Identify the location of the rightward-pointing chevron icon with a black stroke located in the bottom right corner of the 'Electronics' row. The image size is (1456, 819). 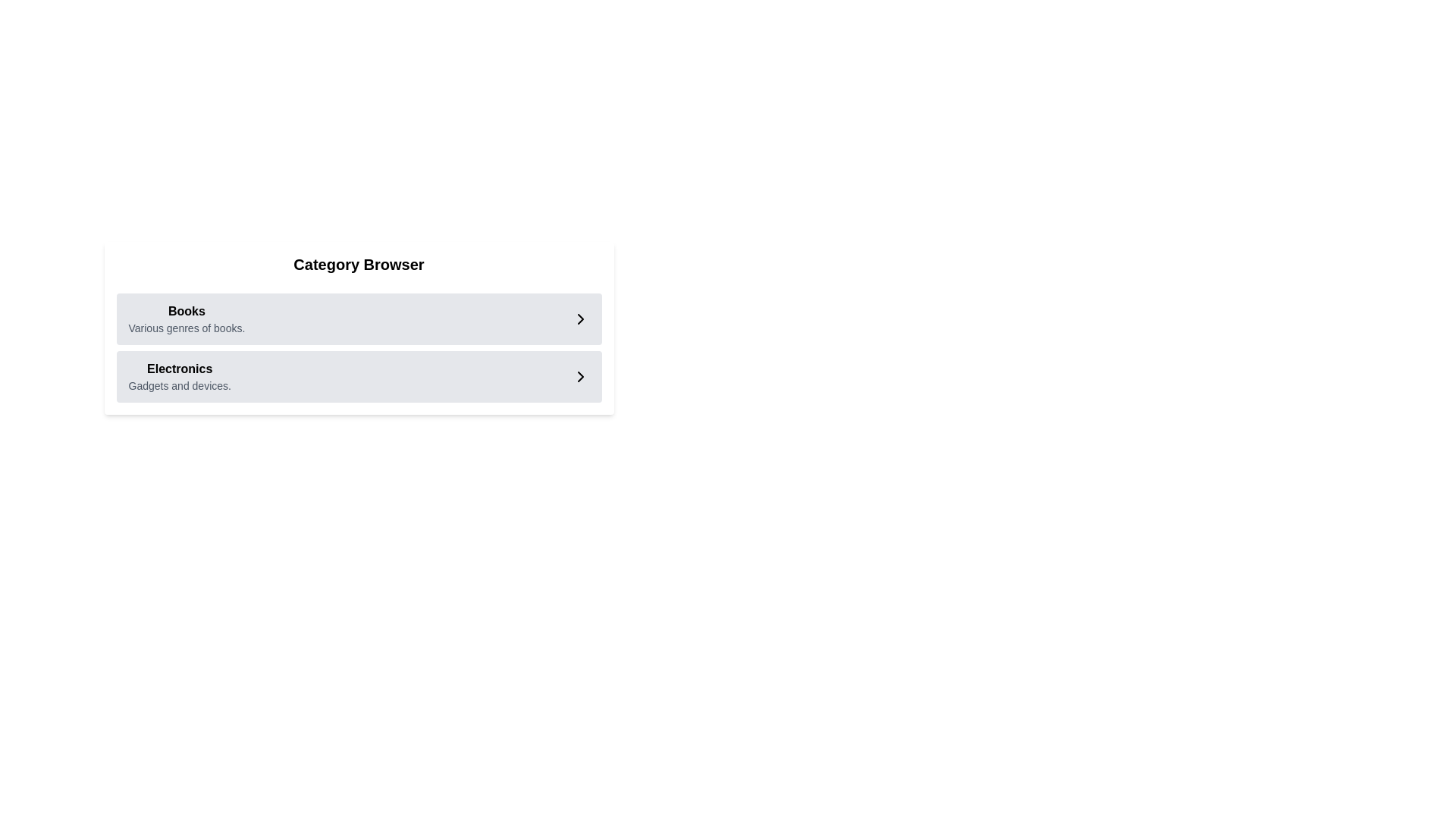
(579, 376).